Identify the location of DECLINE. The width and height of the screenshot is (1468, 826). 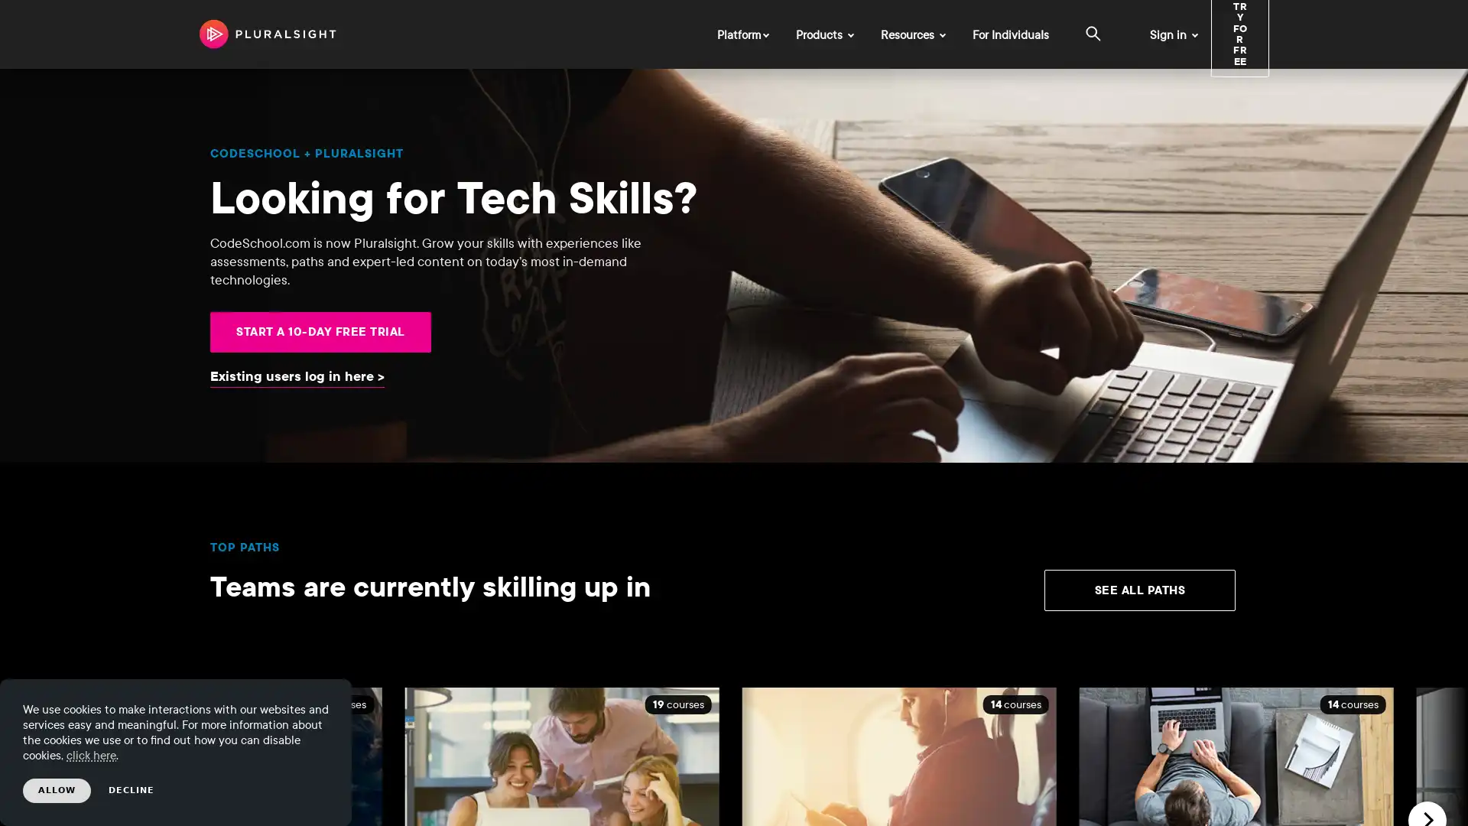
(132, 790).